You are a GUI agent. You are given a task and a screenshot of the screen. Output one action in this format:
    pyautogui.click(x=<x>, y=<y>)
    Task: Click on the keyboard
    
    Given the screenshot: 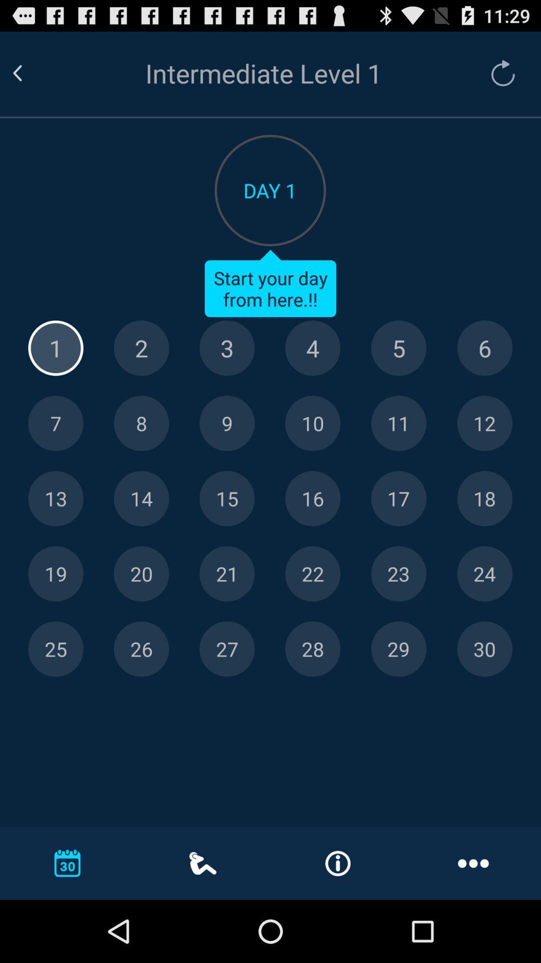 What is the action you would take?
    pyautogui.click(x=227, y=348)
    